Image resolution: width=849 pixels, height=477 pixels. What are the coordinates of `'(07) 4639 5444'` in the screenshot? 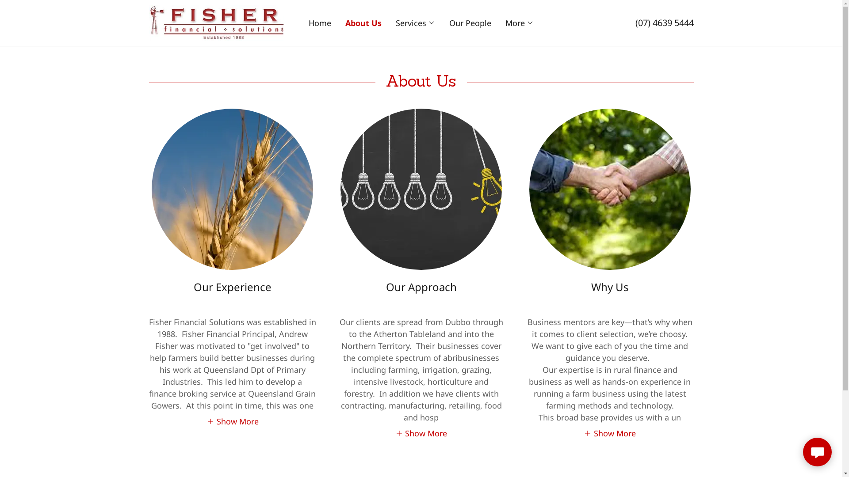 It's located at (664, 22).